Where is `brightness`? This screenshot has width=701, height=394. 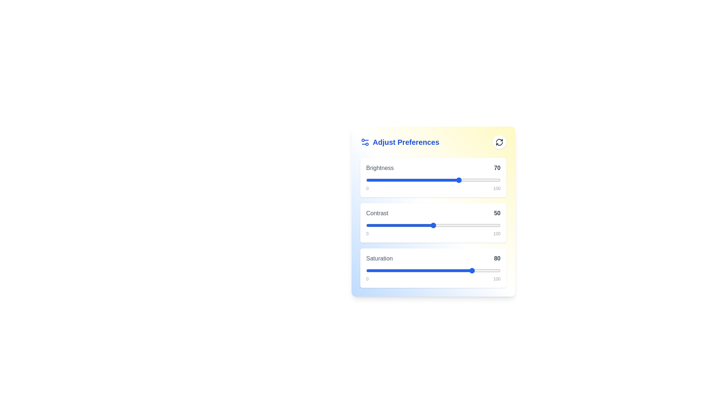
brightness is located at coordinates (399, 180).